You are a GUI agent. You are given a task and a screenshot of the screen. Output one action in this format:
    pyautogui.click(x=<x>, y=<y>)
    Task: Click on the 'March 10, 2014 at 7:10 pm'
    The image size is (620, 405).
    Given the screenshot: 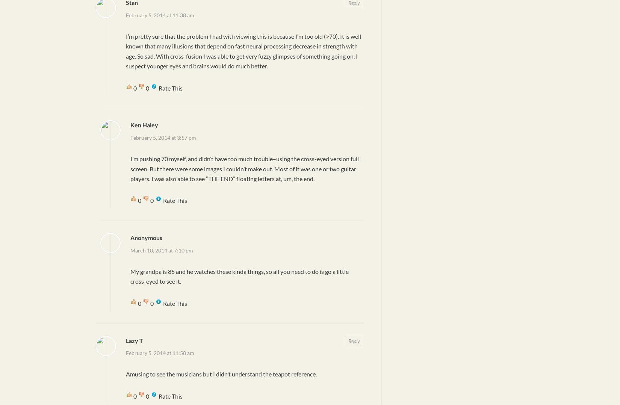 What is the action you would take?
    pyautogui.click(x=161, y=250)
    